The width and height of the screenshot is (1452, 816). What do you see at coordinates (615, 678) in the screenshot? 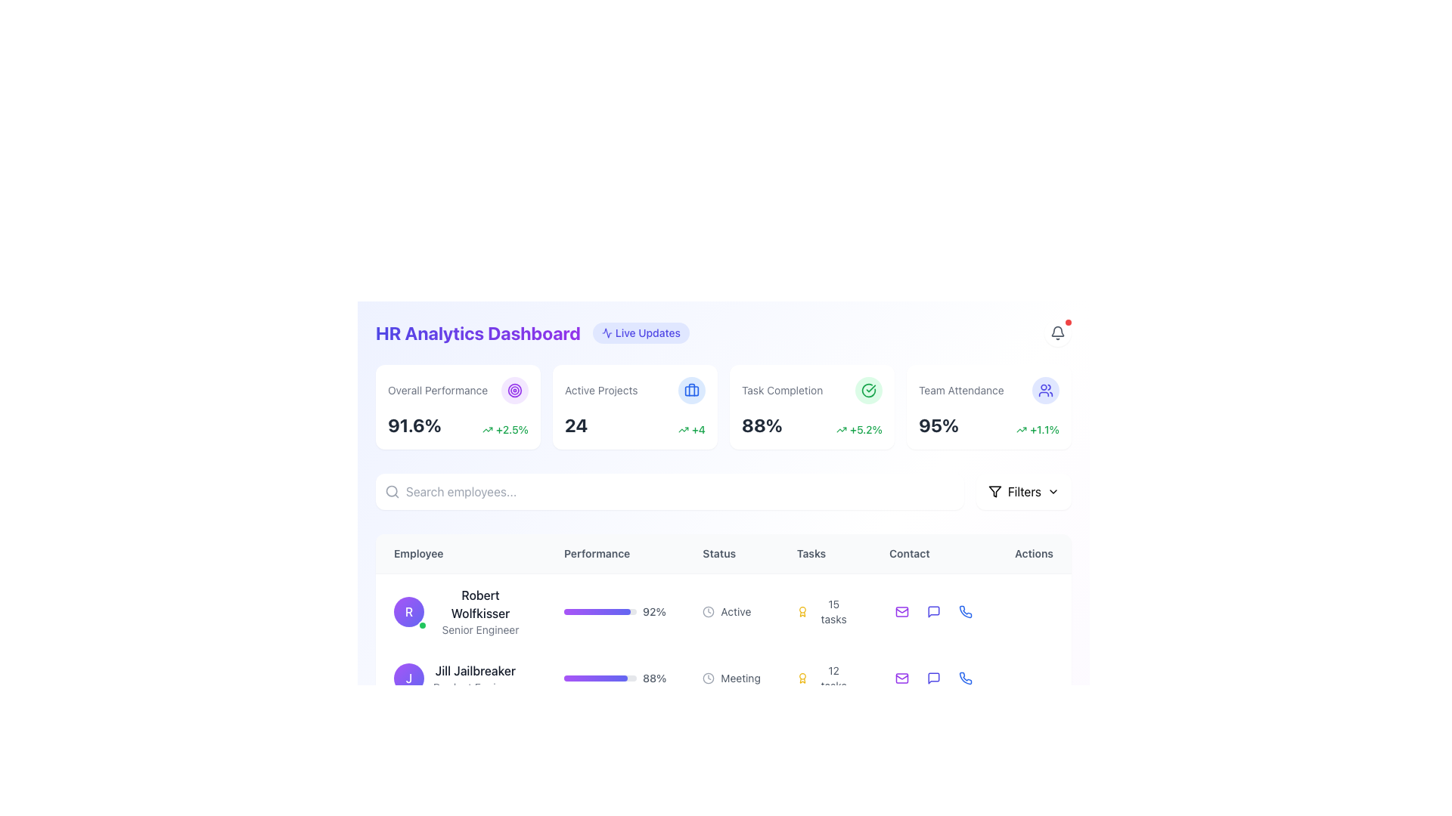
I see `displayed percentage from the progress bar located in the second row of the table under the 'Performance' column, adjacent to 'Jill Jailbreaker' in the 'Employee' column` at bounding box center [615, 678].